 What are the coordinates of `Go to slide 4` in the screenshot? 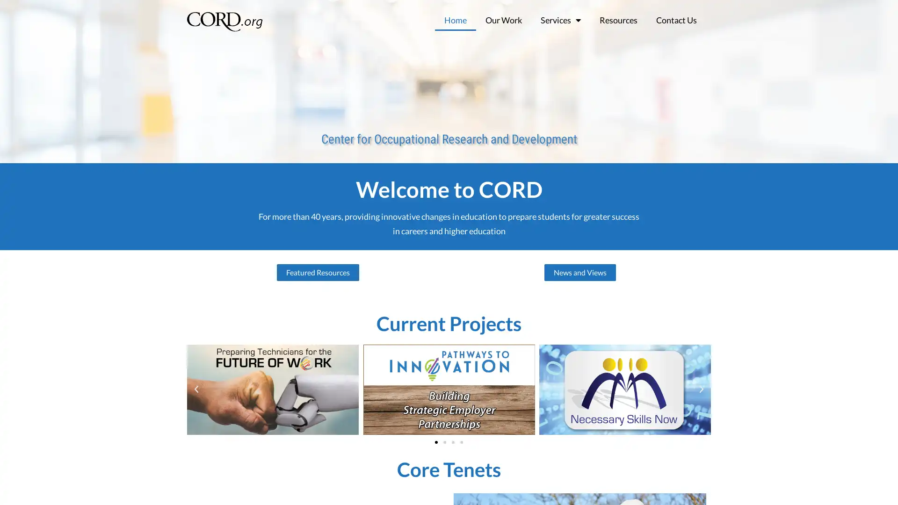 It's located at (462, 442).